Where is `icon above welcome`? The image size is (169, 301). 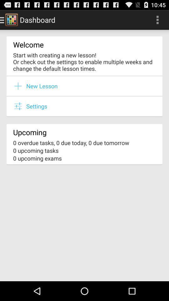
icon above welcome is located at coordinates (157, 19).